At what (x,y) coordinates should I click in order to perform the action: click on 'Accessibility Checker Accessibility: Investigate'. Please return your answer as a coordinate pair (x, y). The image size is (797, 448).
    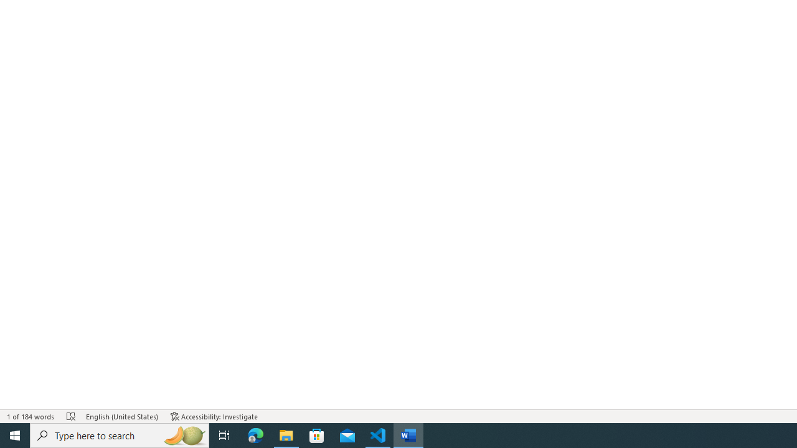
    Looking at the image, I should click on (214, 416).